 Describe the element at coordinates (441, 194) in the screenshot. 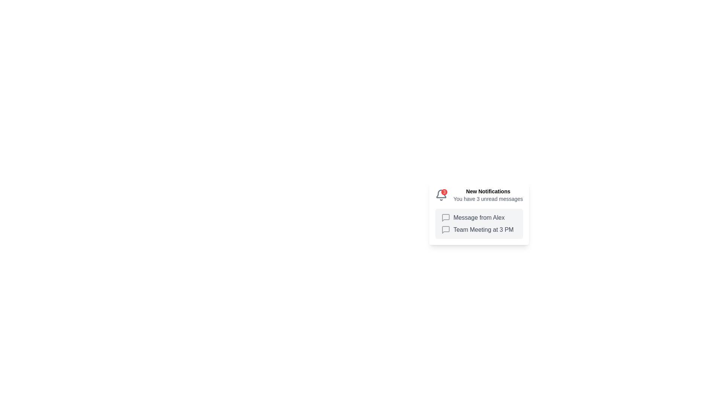

I see `the red circular badge on the notification icon styled as a bell, which indicates 3 new notifications` at that location.